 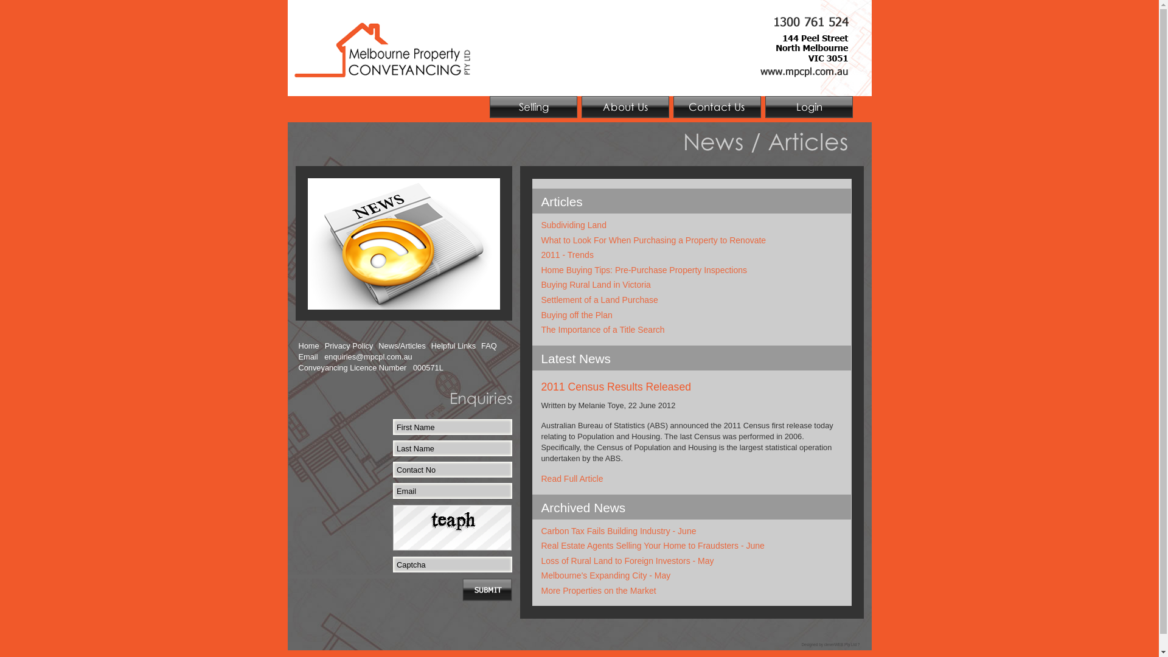 I want to click on 'Home', so click(x=308, y=346).